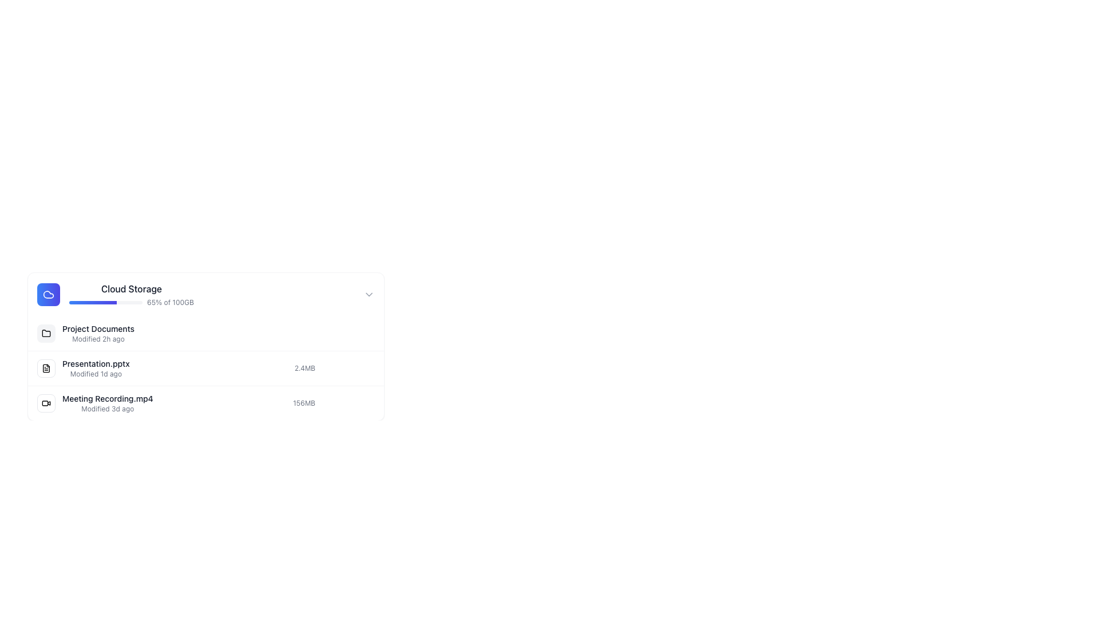 This screenshot has height=618, width=1099. I want to click on the right-pointing chevron icon, styled with a gray stroke, located next to the 'Cloud Storage' text label, so click(369, 294).